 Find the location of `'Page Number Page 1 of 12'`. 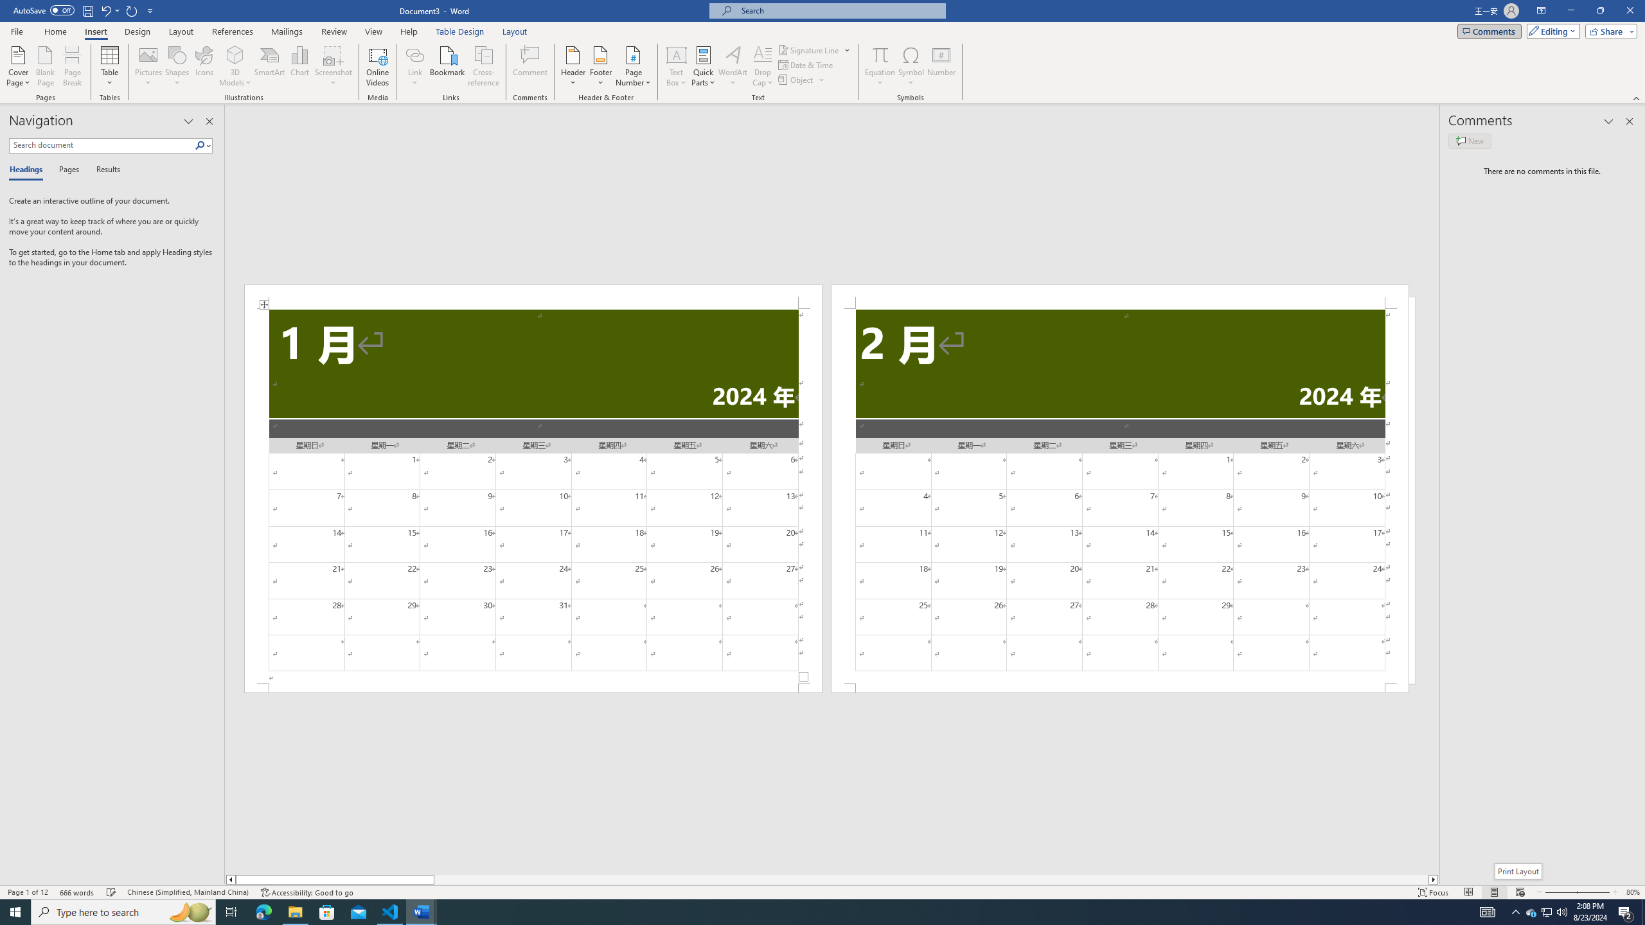

'Page Number Page 1 of 12' is located at coordinates (27, 892).